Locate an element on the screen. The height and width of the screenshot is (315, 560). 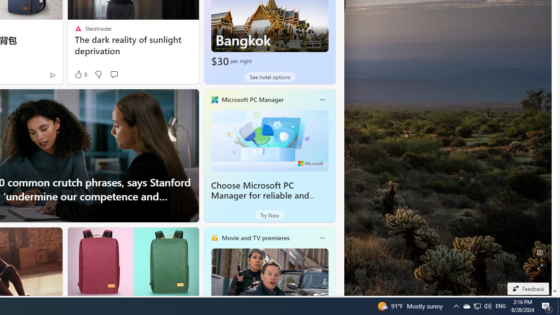
'Microsoft PC Manager' is located at coordinates (252, 99).